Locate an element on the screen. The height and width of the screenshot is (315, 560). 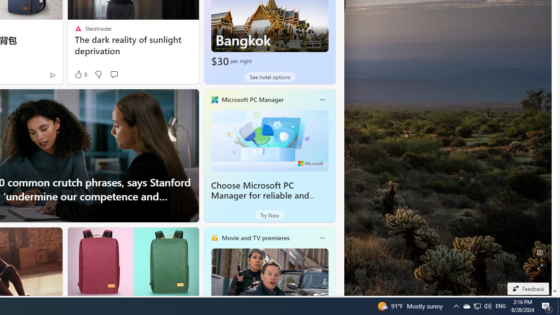
'Microsoft PC Manager' is located at coordinates (252, 99).